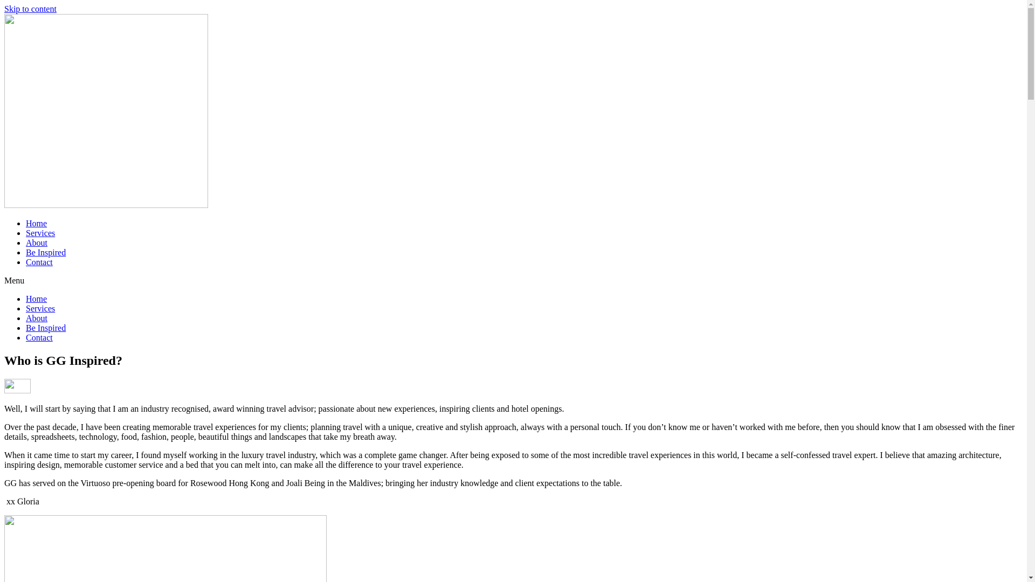  I want to click on 'Be Inspired', so click(45, 327).